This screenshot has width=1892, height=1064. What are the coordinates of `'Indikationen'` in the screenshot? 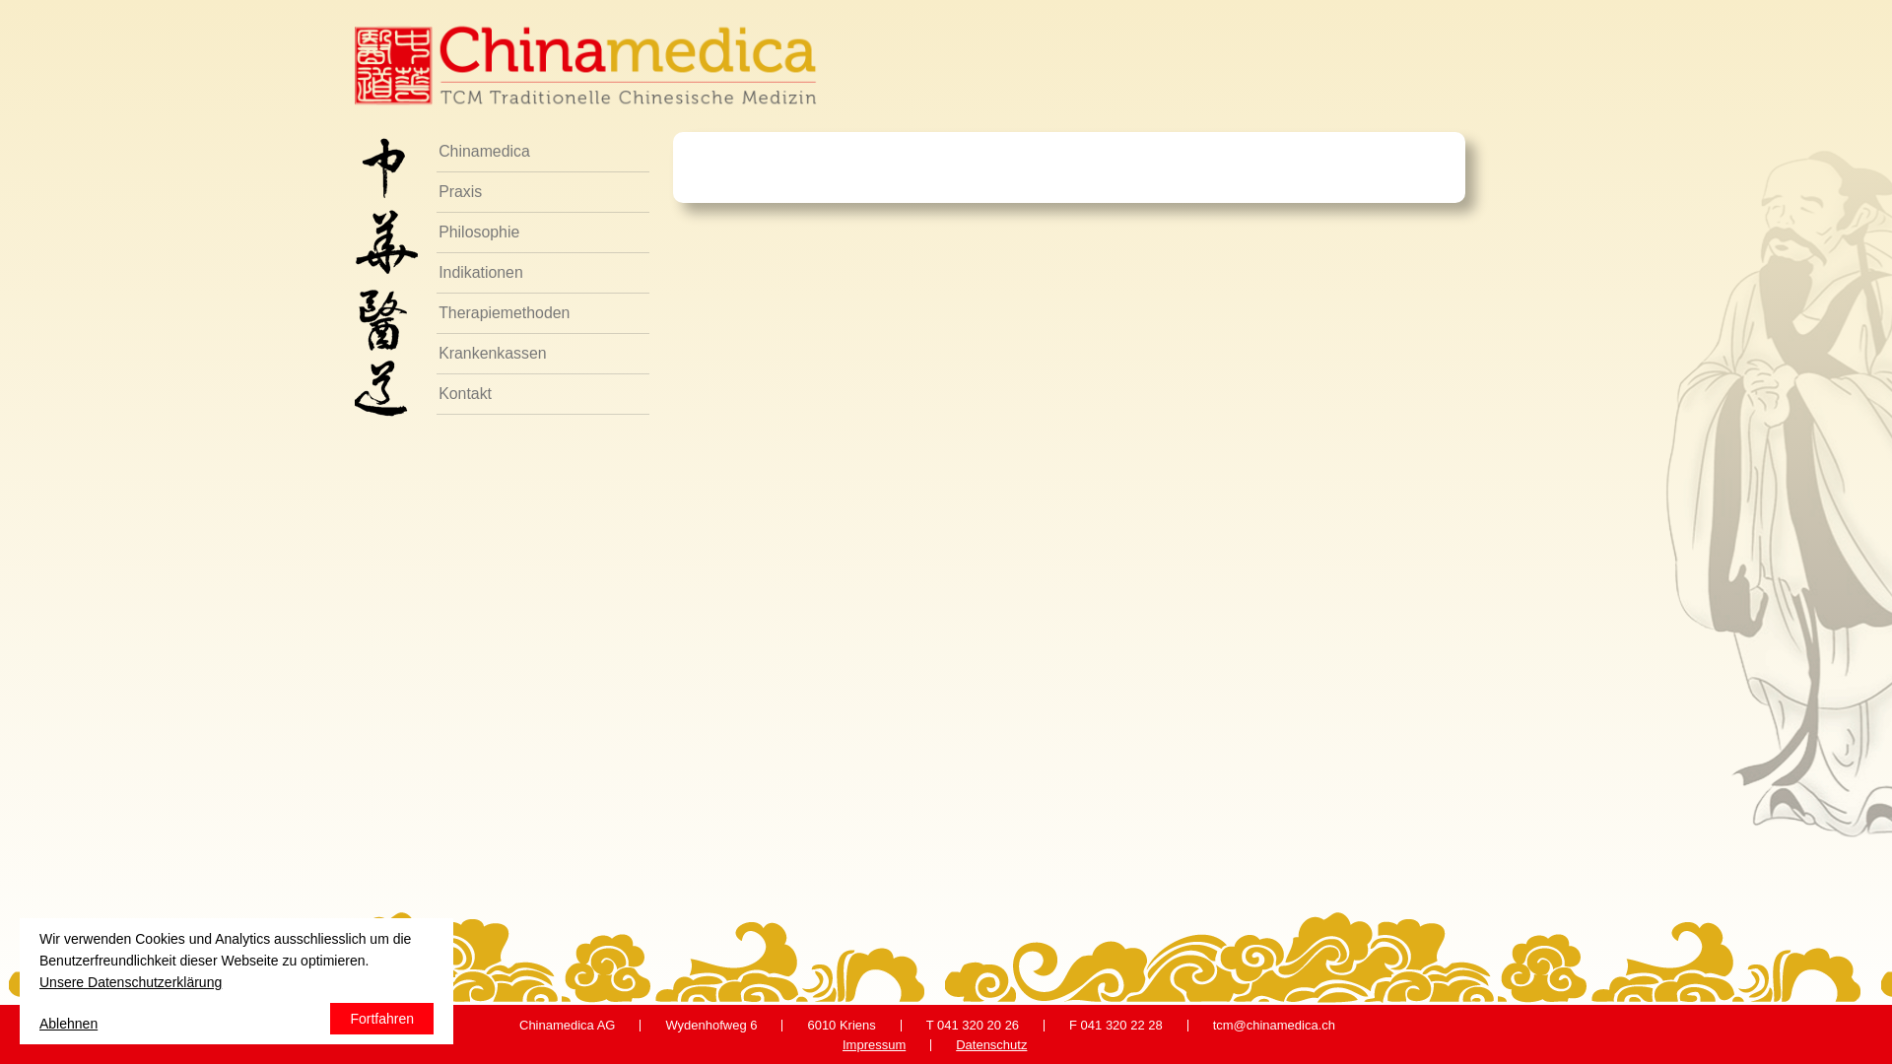 It's located at (543, 273).